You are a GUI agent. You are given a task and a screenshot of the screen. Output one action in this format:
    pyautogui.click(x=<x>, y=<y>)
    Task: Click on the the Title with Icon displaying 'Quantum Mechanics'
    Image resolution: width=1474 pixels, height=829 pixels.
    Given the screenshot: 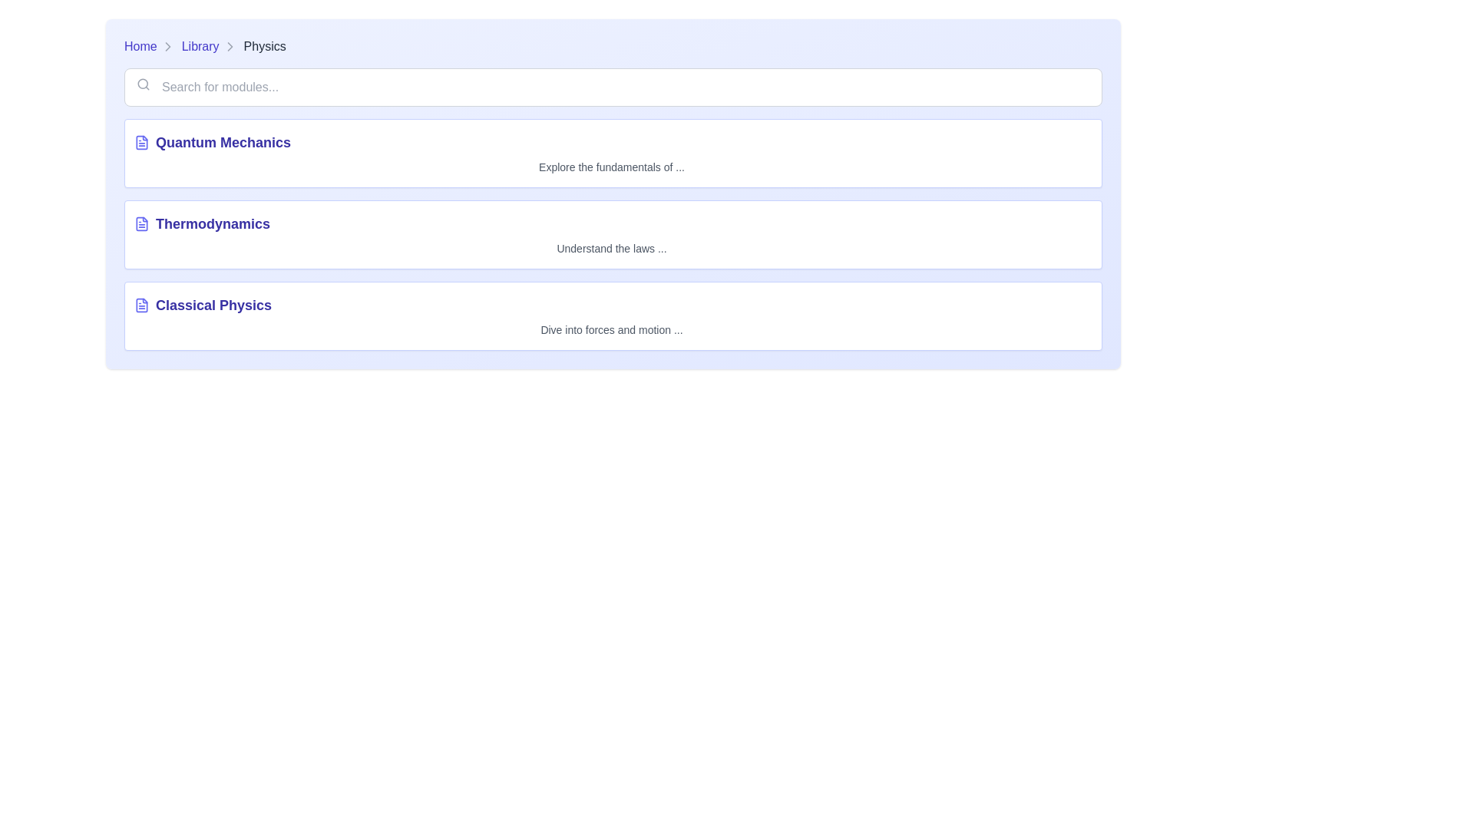 What is the action you would take?
    pyautogui.click(x=610, y=142)
    